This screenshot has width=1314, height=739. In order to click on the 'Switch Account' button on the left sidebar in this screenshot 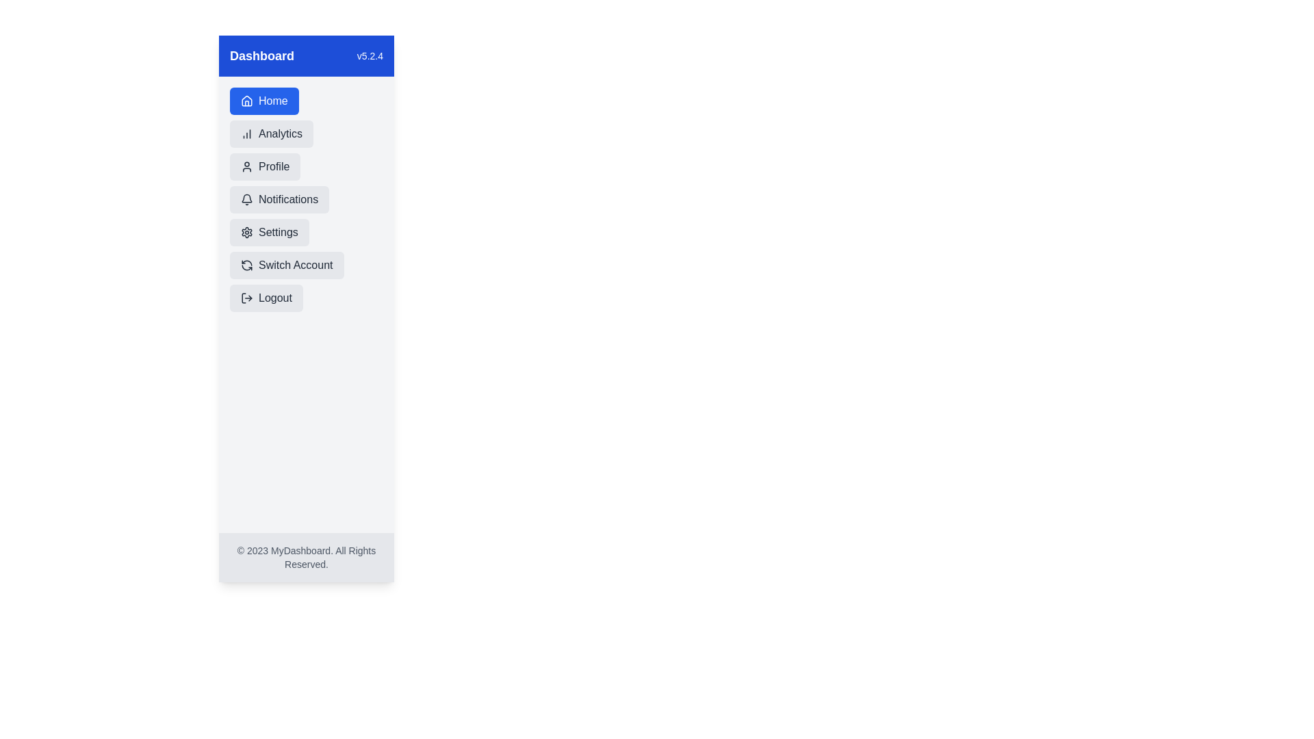, I will do `click(286, 265)`.